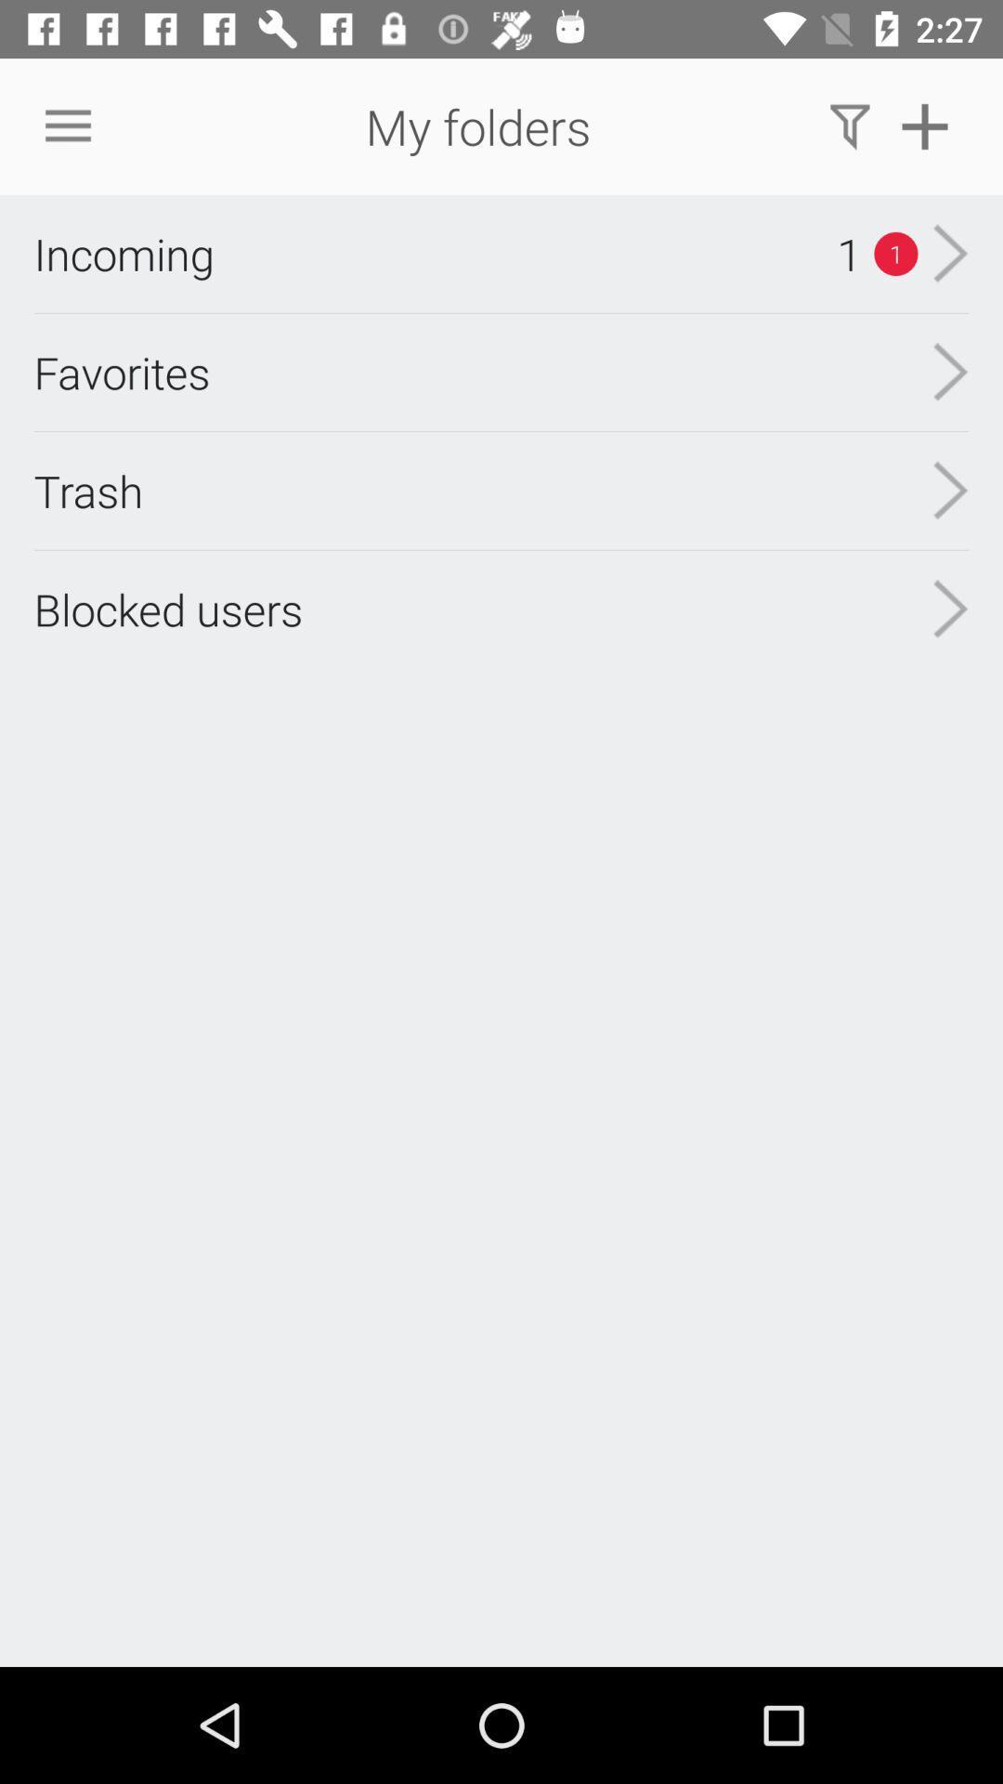 This screenshot has width=1003, height=1784. Describe the element at coordinates (124, 253) in the screenshot. I see `incoming` at that location.